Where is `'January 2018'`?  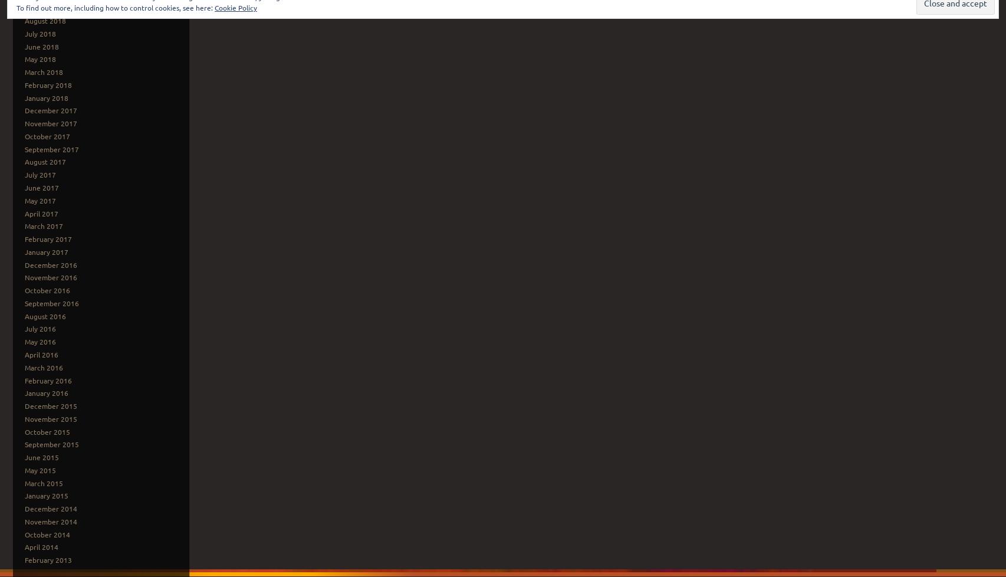
'January 2018' is located at coordinates (45, 97).